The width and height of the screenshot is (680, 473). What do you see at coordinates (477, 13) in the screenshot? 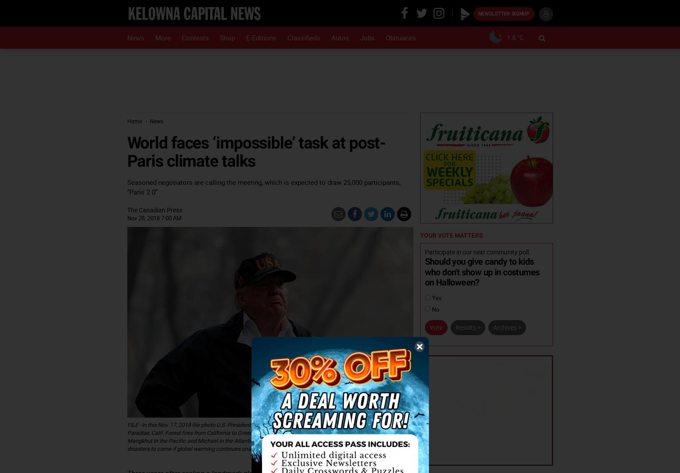
I see `'Newsletter Signup'` at bounding box center [477, 13].